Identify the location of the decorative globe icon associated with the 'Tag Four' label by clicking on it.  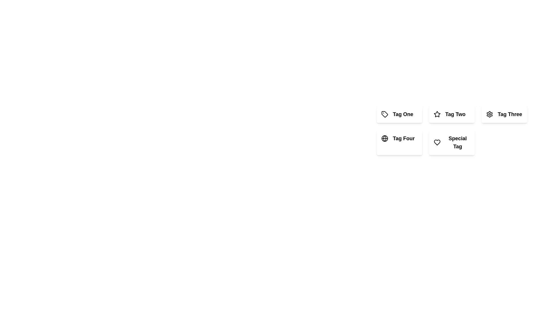
(385, 139).